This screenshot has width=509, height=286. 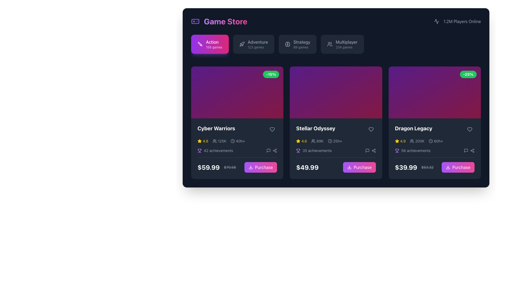 What do you see at coordinates (214, 141) in the screenshot?
I see `the user engagement icon that visually represents the numerical value '125K', located in the bottom section of the 'Cyber Warriors' card, adjacent to the star rating symbol` at bounding box center [214, 141].